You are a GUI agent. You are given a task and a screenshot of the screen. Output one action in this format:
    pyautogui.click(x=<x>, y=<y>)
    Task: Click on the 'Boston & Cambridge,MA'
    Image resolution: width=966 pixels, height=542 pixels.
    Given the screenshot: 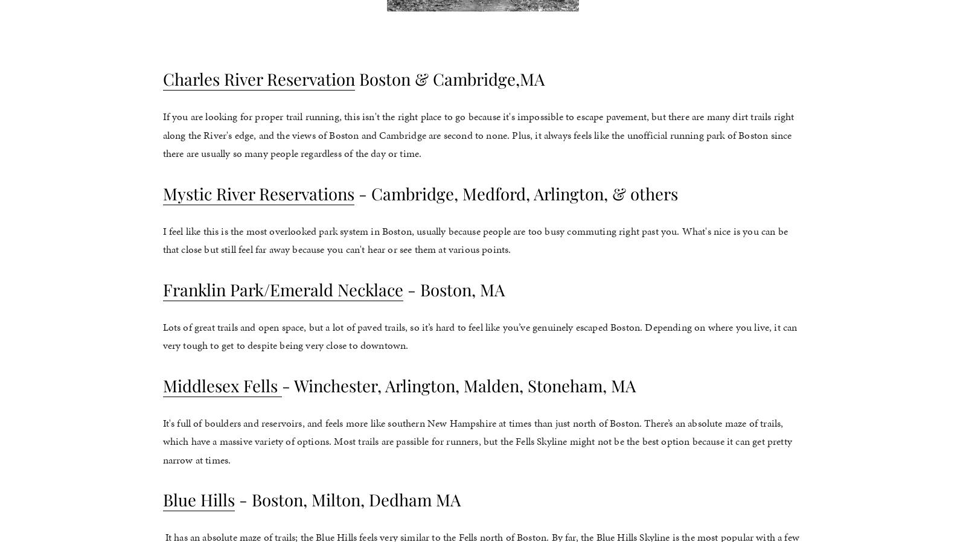 What is the action you would take?
    pyautogui.click(x=354, y=77)
    